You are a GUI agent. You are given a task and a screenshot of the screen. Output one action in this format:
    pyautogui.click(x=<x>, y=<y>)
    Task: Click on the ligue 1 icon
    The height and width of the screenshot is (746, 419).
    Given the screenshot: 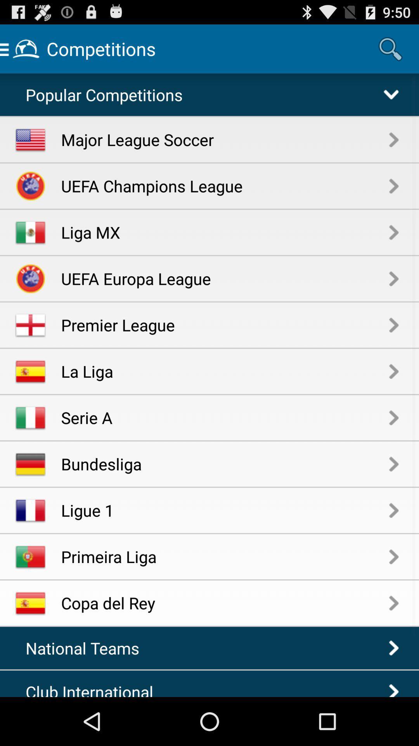 What is the action you would take?
    pyautogui.click(x=225, y=510)
    